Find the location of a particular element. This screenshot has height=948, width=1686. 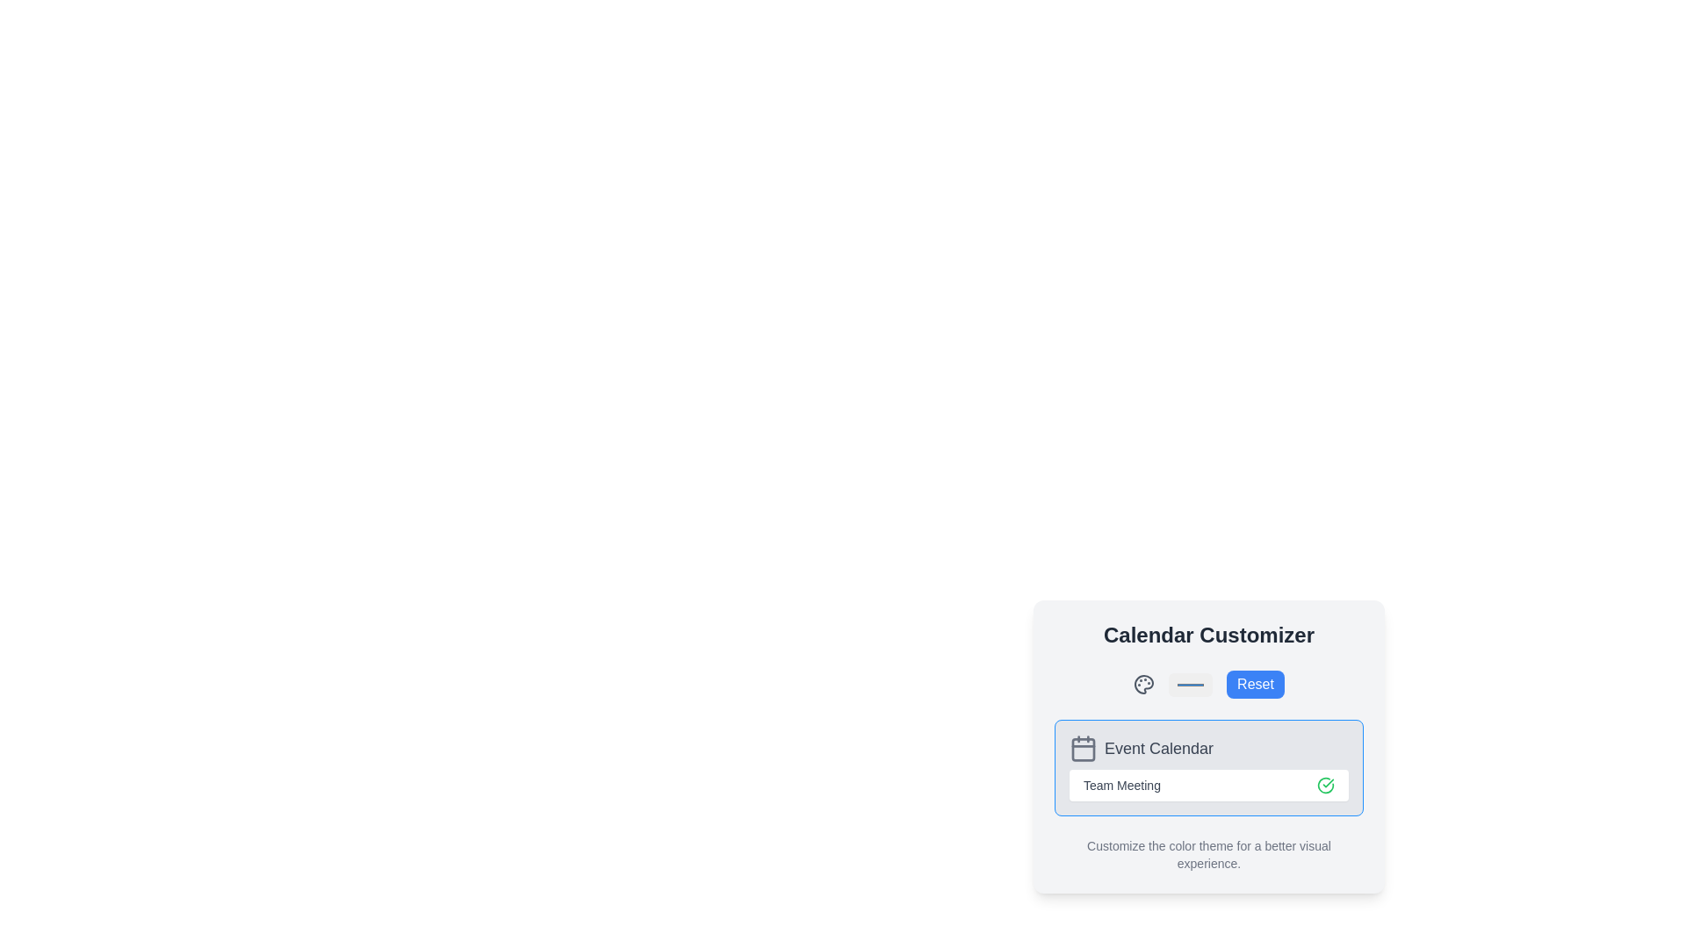

the painter's palette icon element, which is a part of the Calendar Customizer interface and features a clean, circular design with cutouts and holes is located at coordinates (1144, 683).